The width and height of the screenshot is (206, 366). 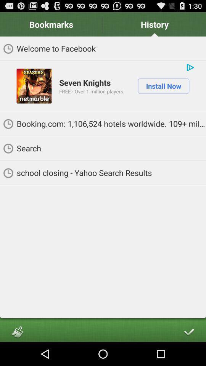 What do you see at coordinates (163, 86) in the screenshot?
I see `the item above booking com 1` at bounding box center [163, 86].